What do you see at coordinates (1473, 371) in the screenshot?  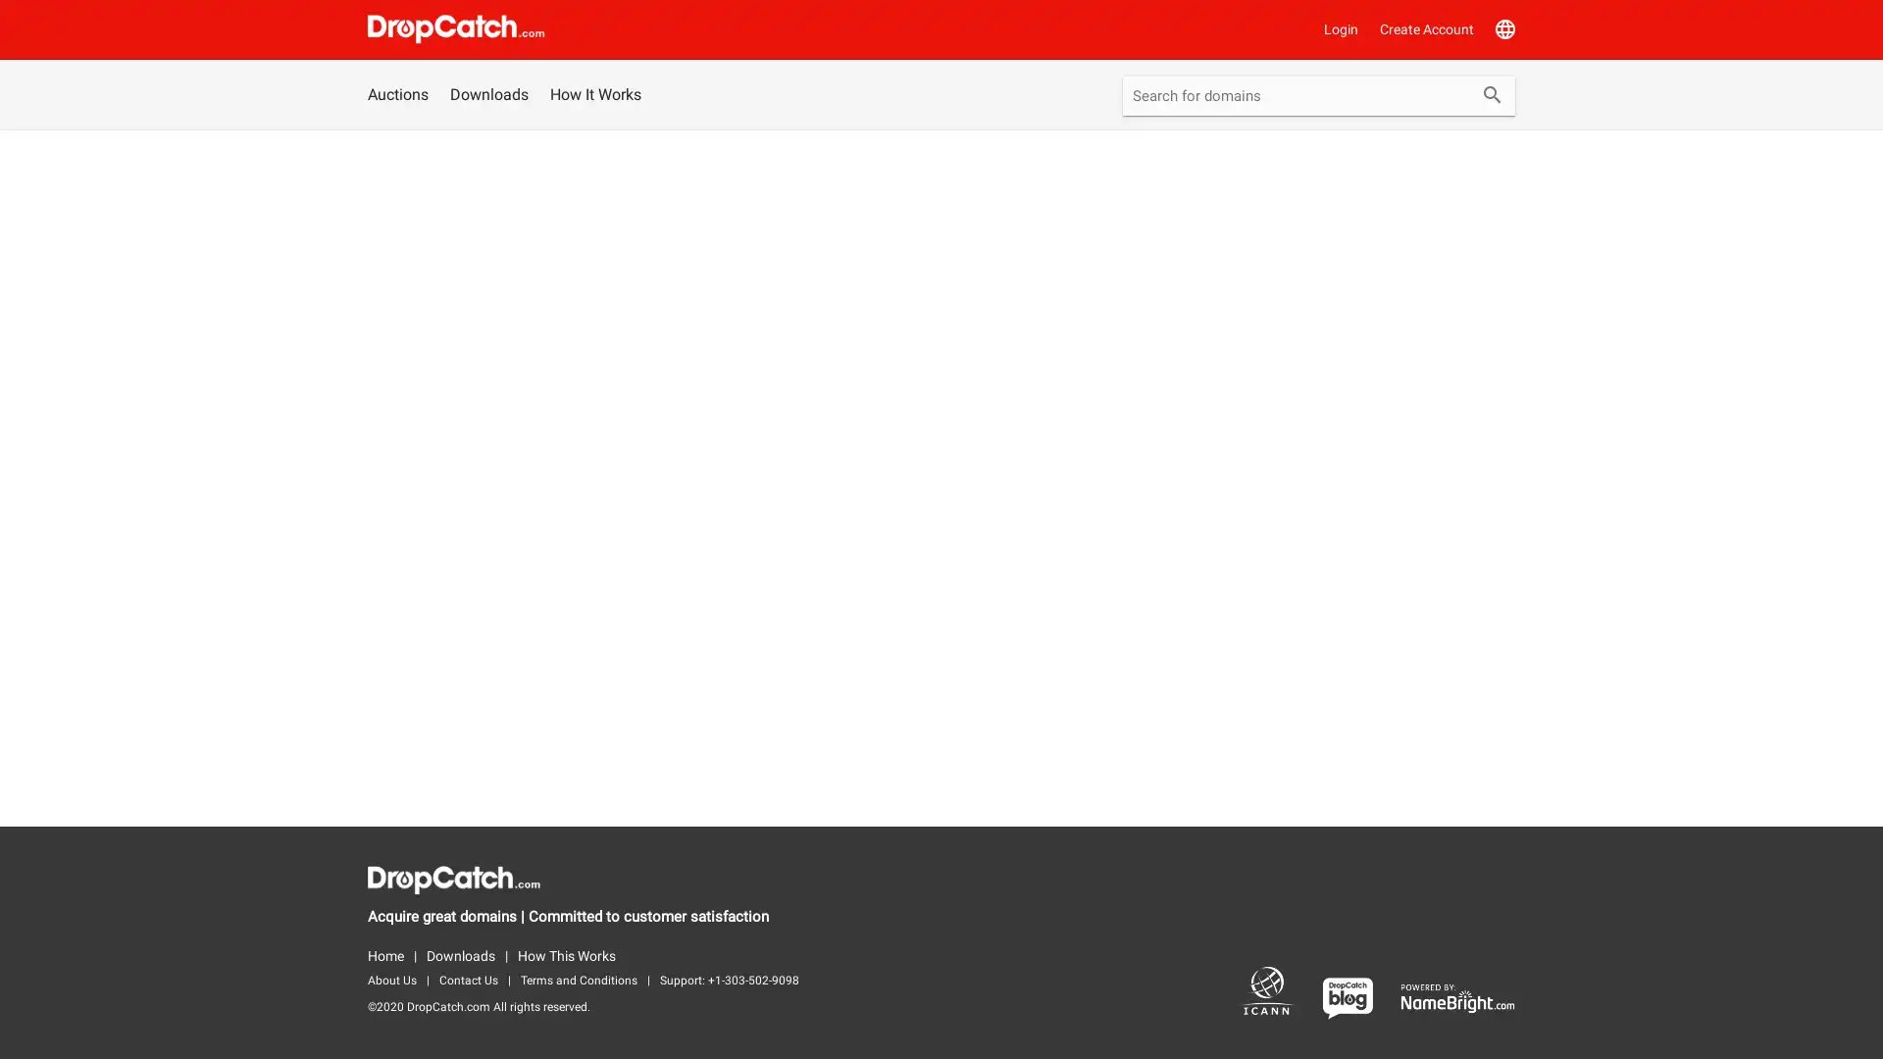 I see `Bid` at bounding box center [1473, 371].